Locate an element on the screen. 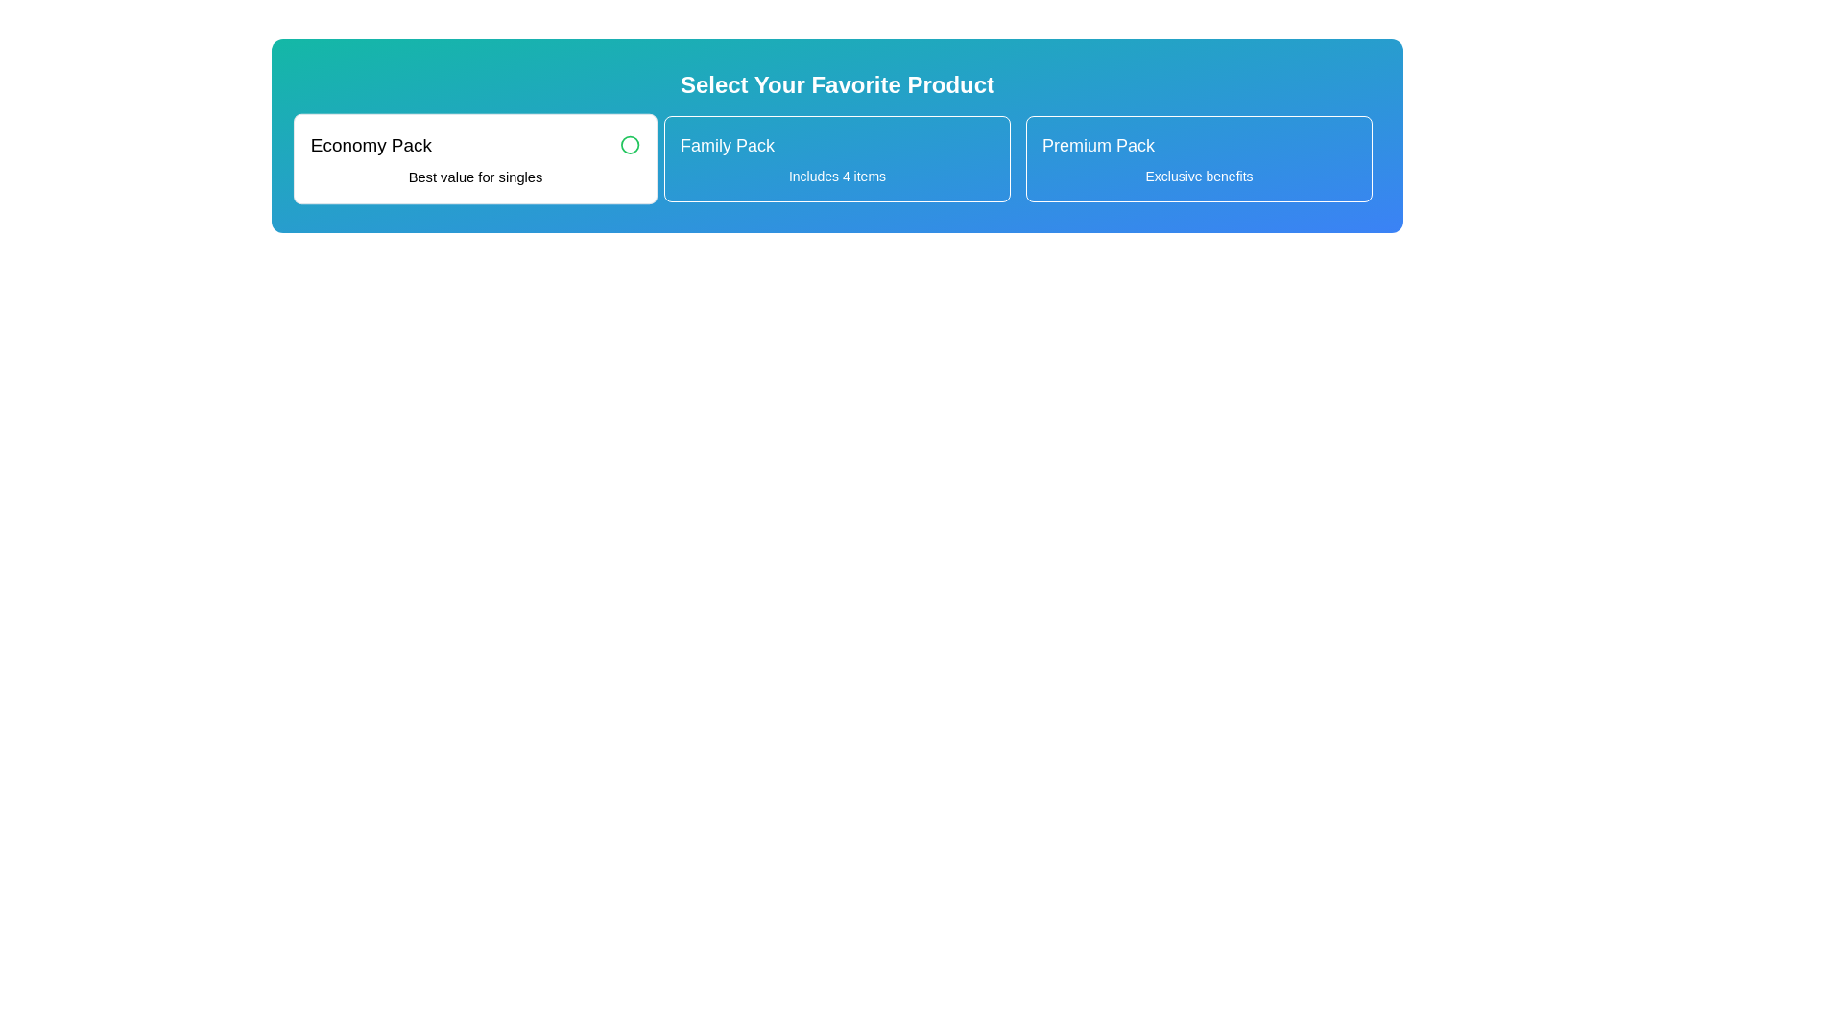 This screenshot has height=1036, width=1843. the card-like button for the 'Family Pack' option, which includes the subtitle 'Includes 4 items', positioned in the middle of three product options is located at coordinates (837, 157).